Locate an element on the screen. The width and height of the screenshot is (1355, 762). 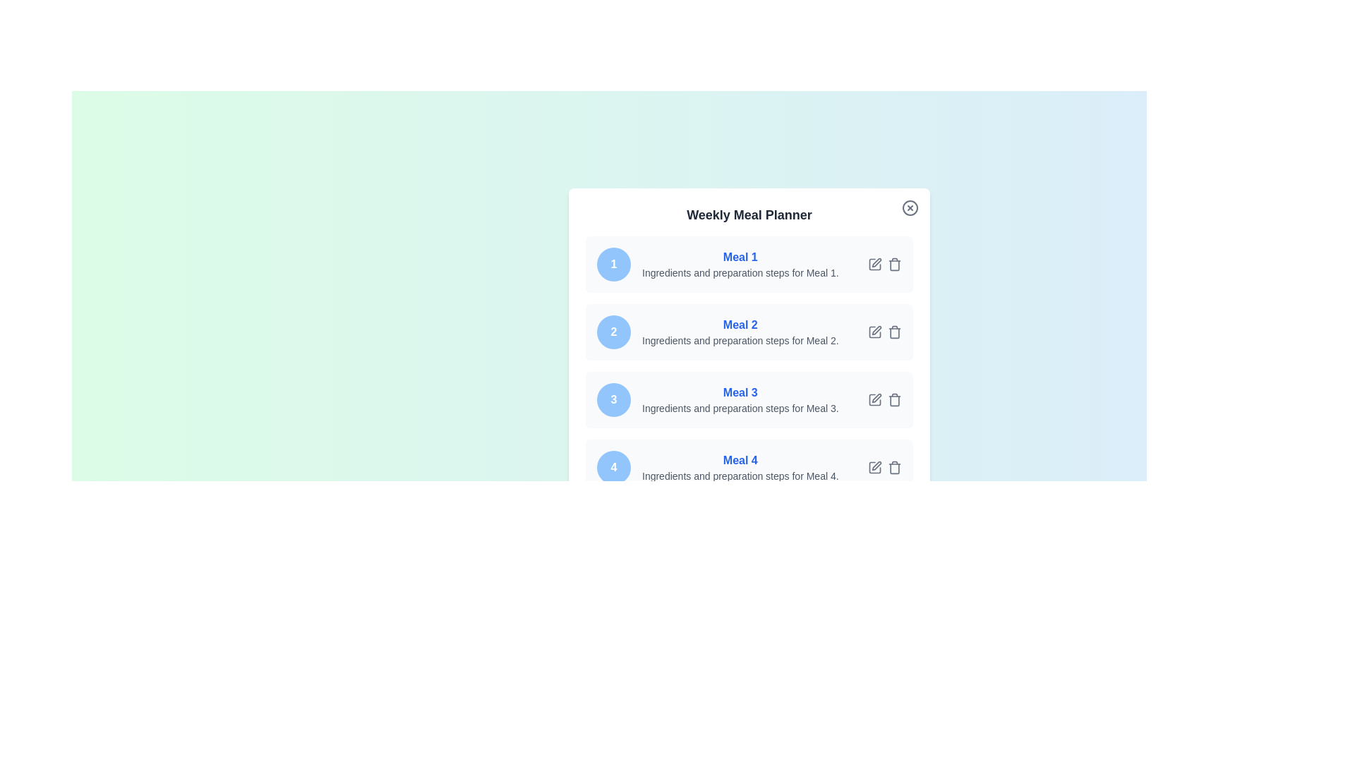
the day indicator for meal 3 is located at coordinates (613, 400).